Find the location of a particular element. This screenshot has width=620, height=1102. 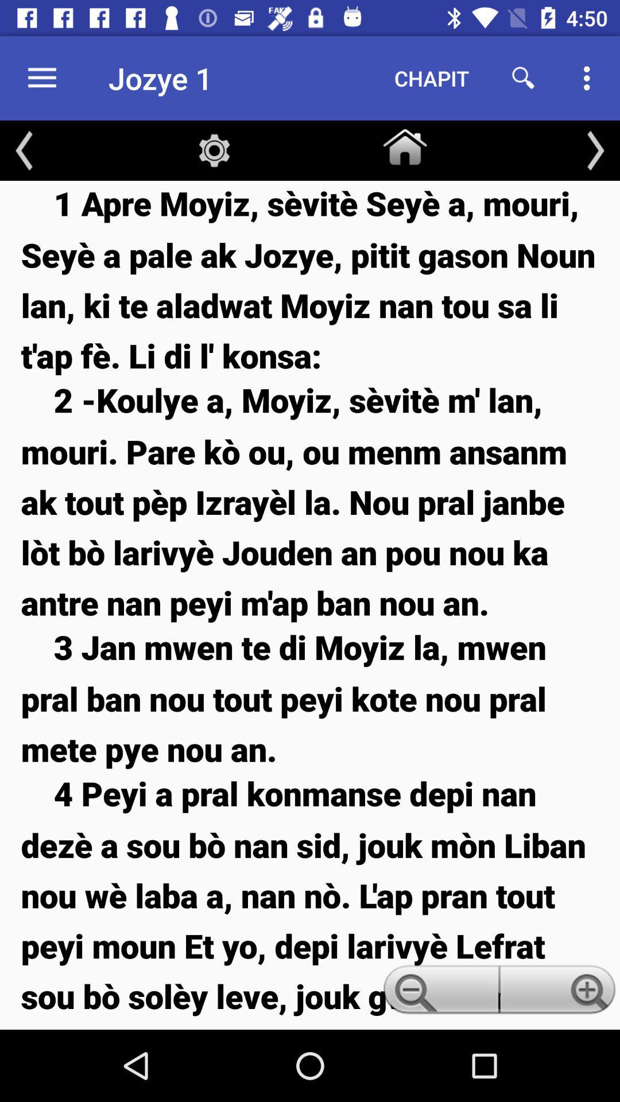

4 peyi a icon is located at coordinates (310, 899).